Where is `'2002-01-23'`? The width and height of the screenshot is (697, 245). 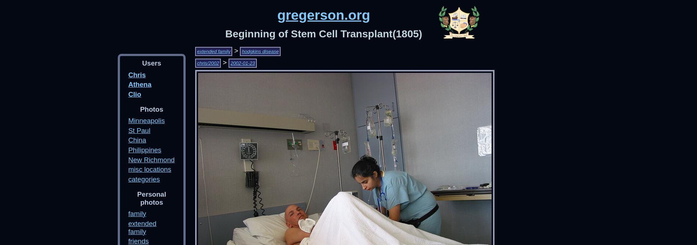 '2002-01-23' is located at coordinates (242, 62).